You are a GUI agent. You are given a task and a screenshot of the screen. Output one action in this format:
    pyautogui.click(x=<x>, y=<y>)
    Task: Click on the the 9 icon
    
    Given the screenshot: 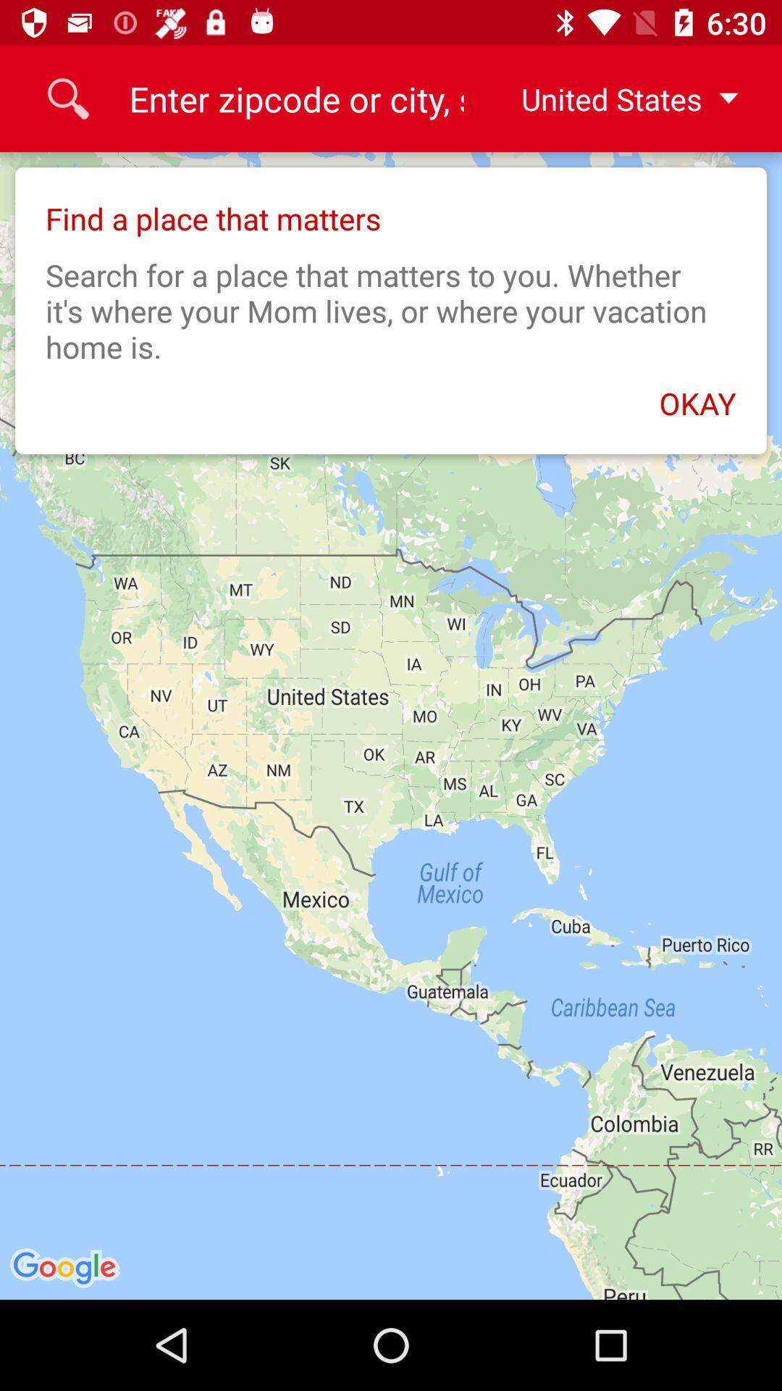 What is the action you would take?
    pyautogui.click(x=295, y=98)
    